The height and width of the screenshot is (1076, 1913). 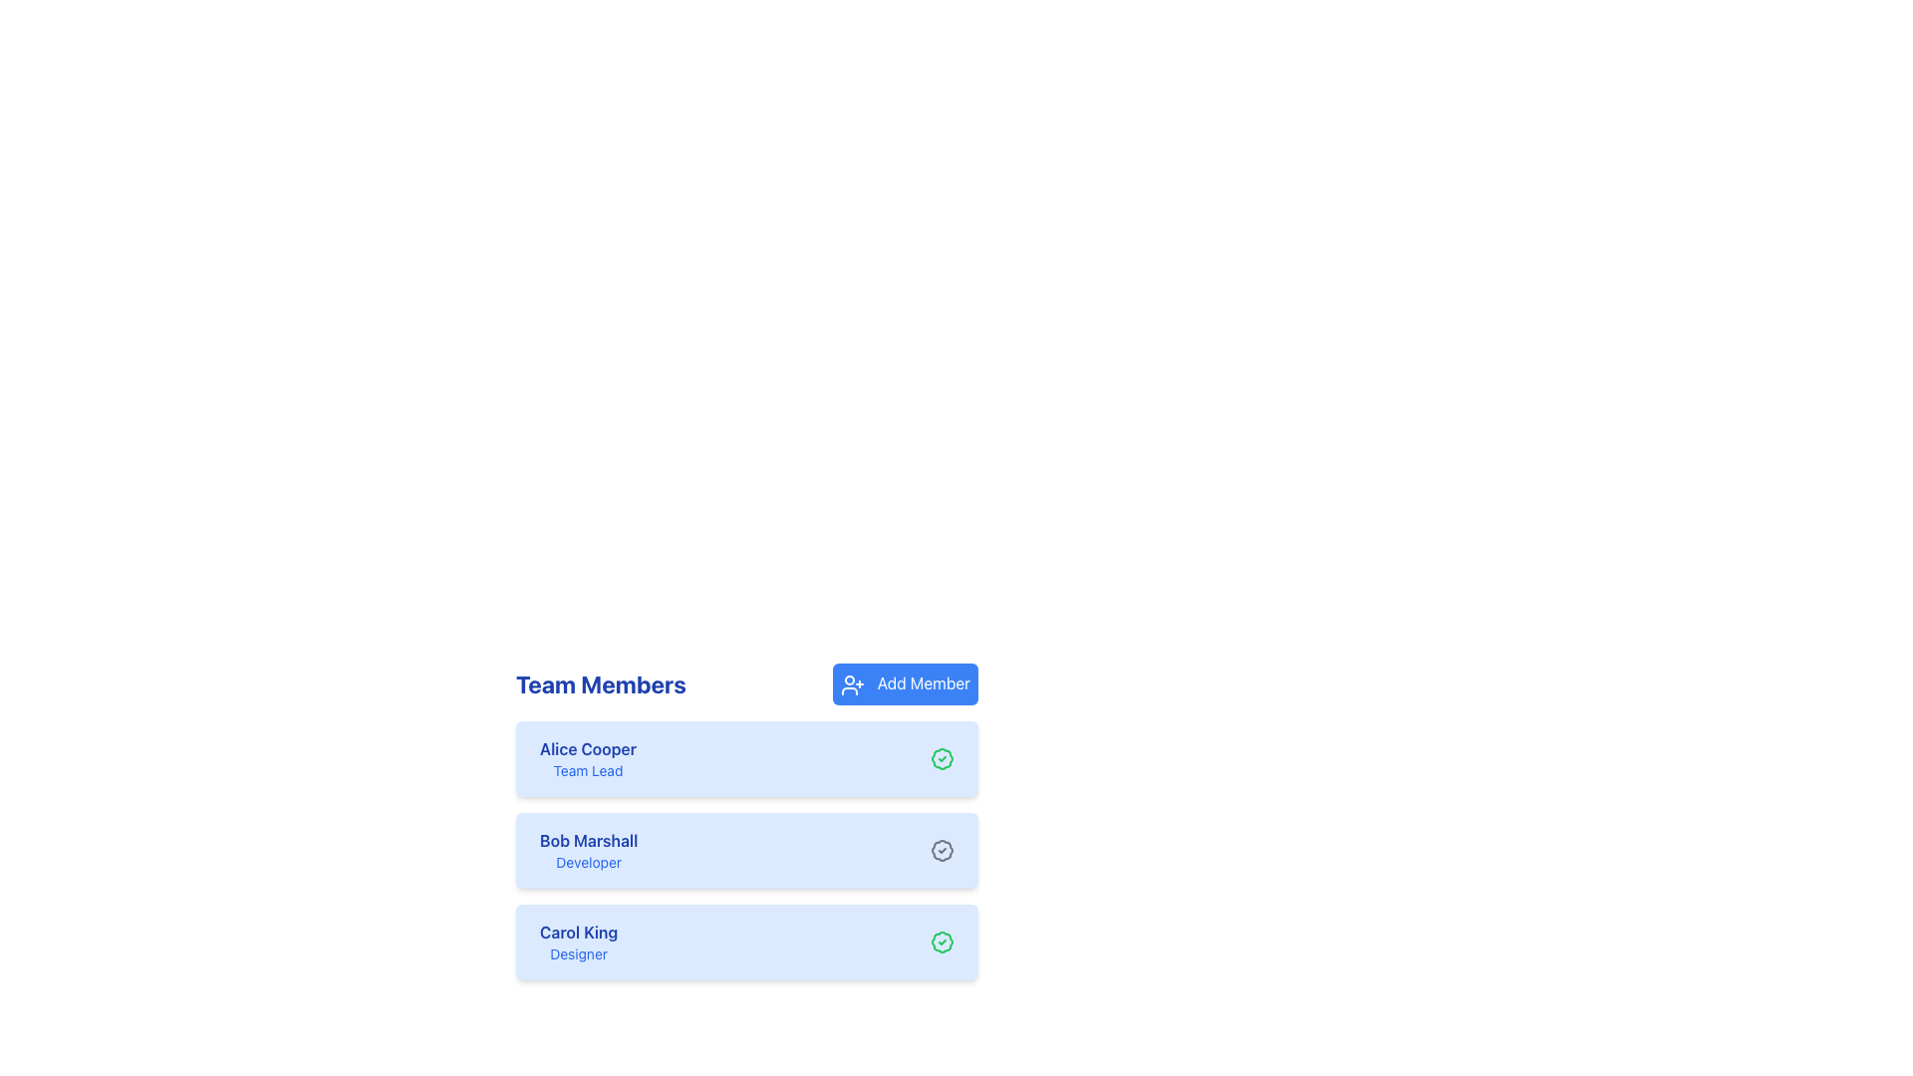 I want to click on text content of the user information label located within the third light blue member card in the 'Team Members' section, directly below the 'Bob Marshall' member card, so click(x=578, y=941).